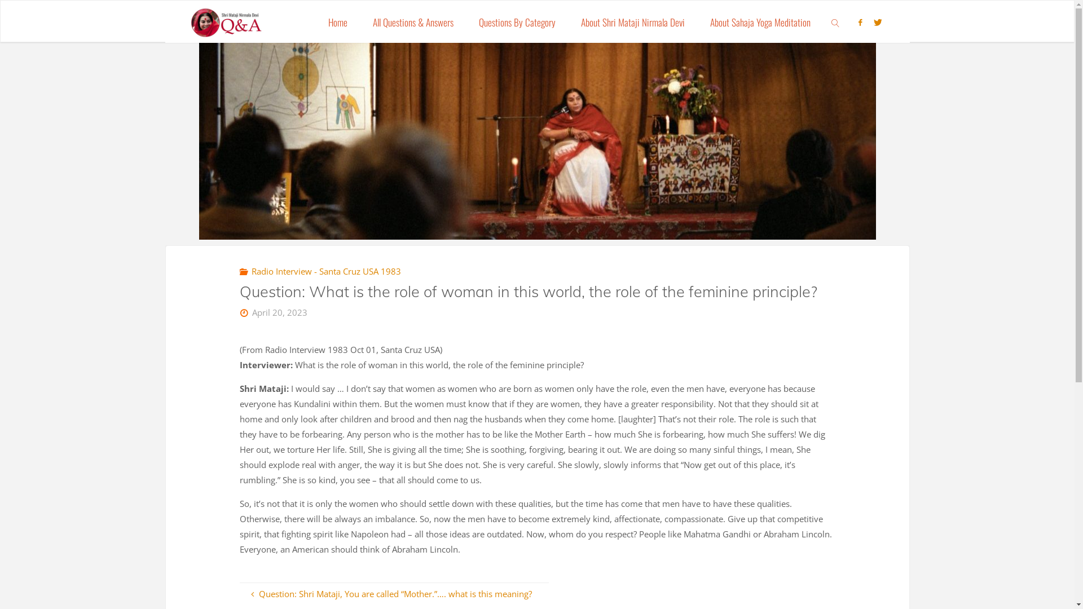 The height and width of the screenshot is (609, 1083). What do you see at coordinates (760, 21) in the screenshot?
I see `'About Sahaja Yoga Meditation'` at bounding box center [760, 21].